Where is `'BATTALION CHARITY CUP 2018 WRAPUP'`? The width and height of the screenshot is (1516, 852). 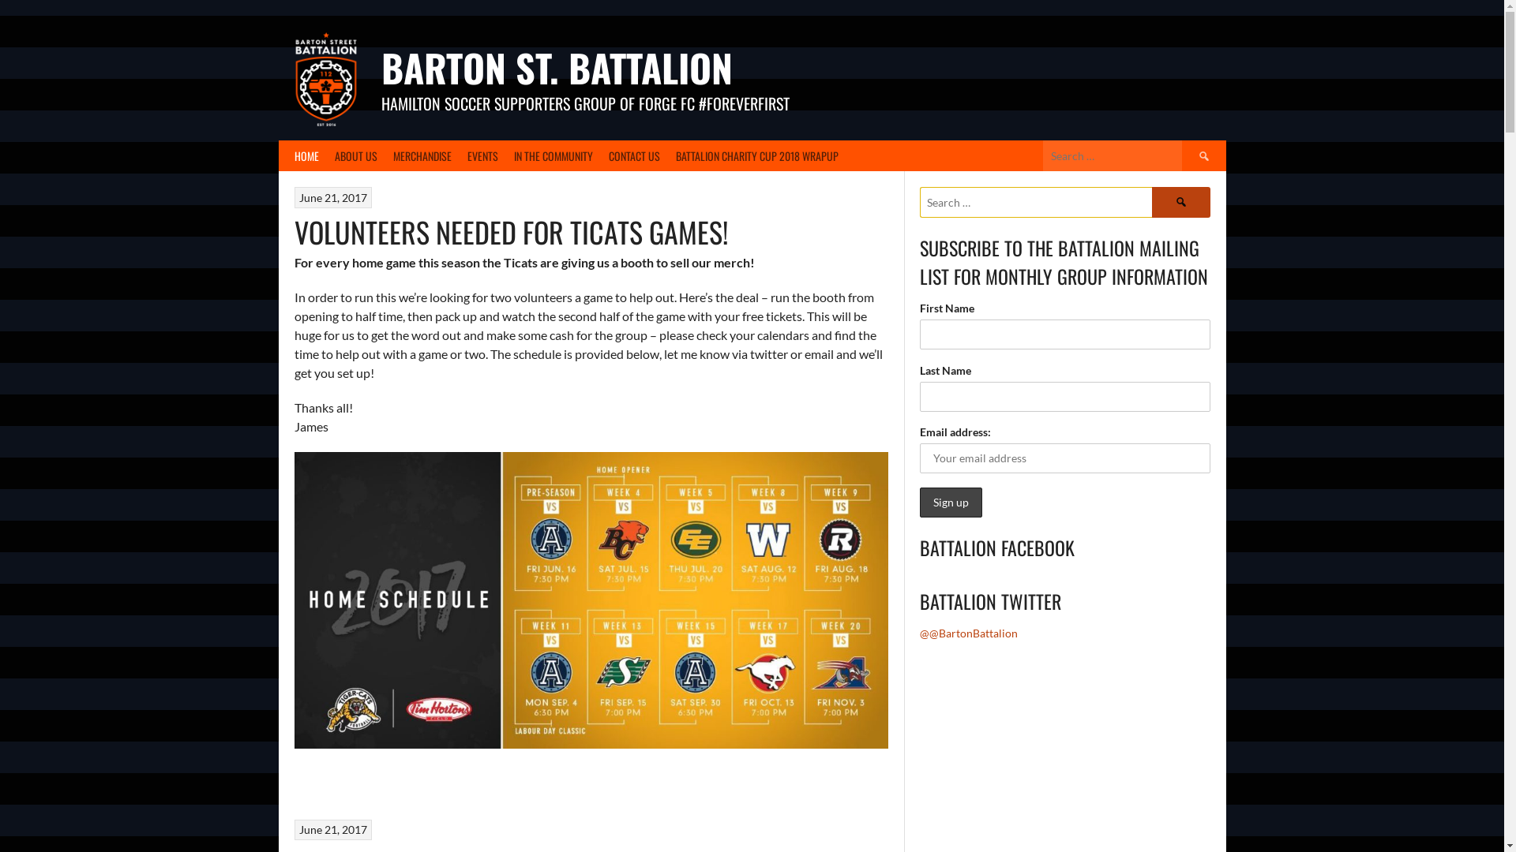 'BATTALION CHARITY CUP 2018 WRAPUP' is located at coordinates (756, 155).